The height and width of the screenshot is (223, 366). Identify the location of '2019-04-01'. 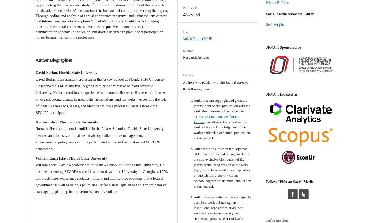
(192, 14).